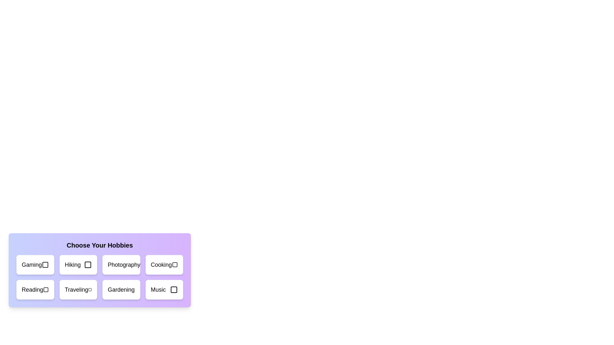 The image size is (614, 345). I want to click on the hobby card labeled Traveling, so click(78, 289).